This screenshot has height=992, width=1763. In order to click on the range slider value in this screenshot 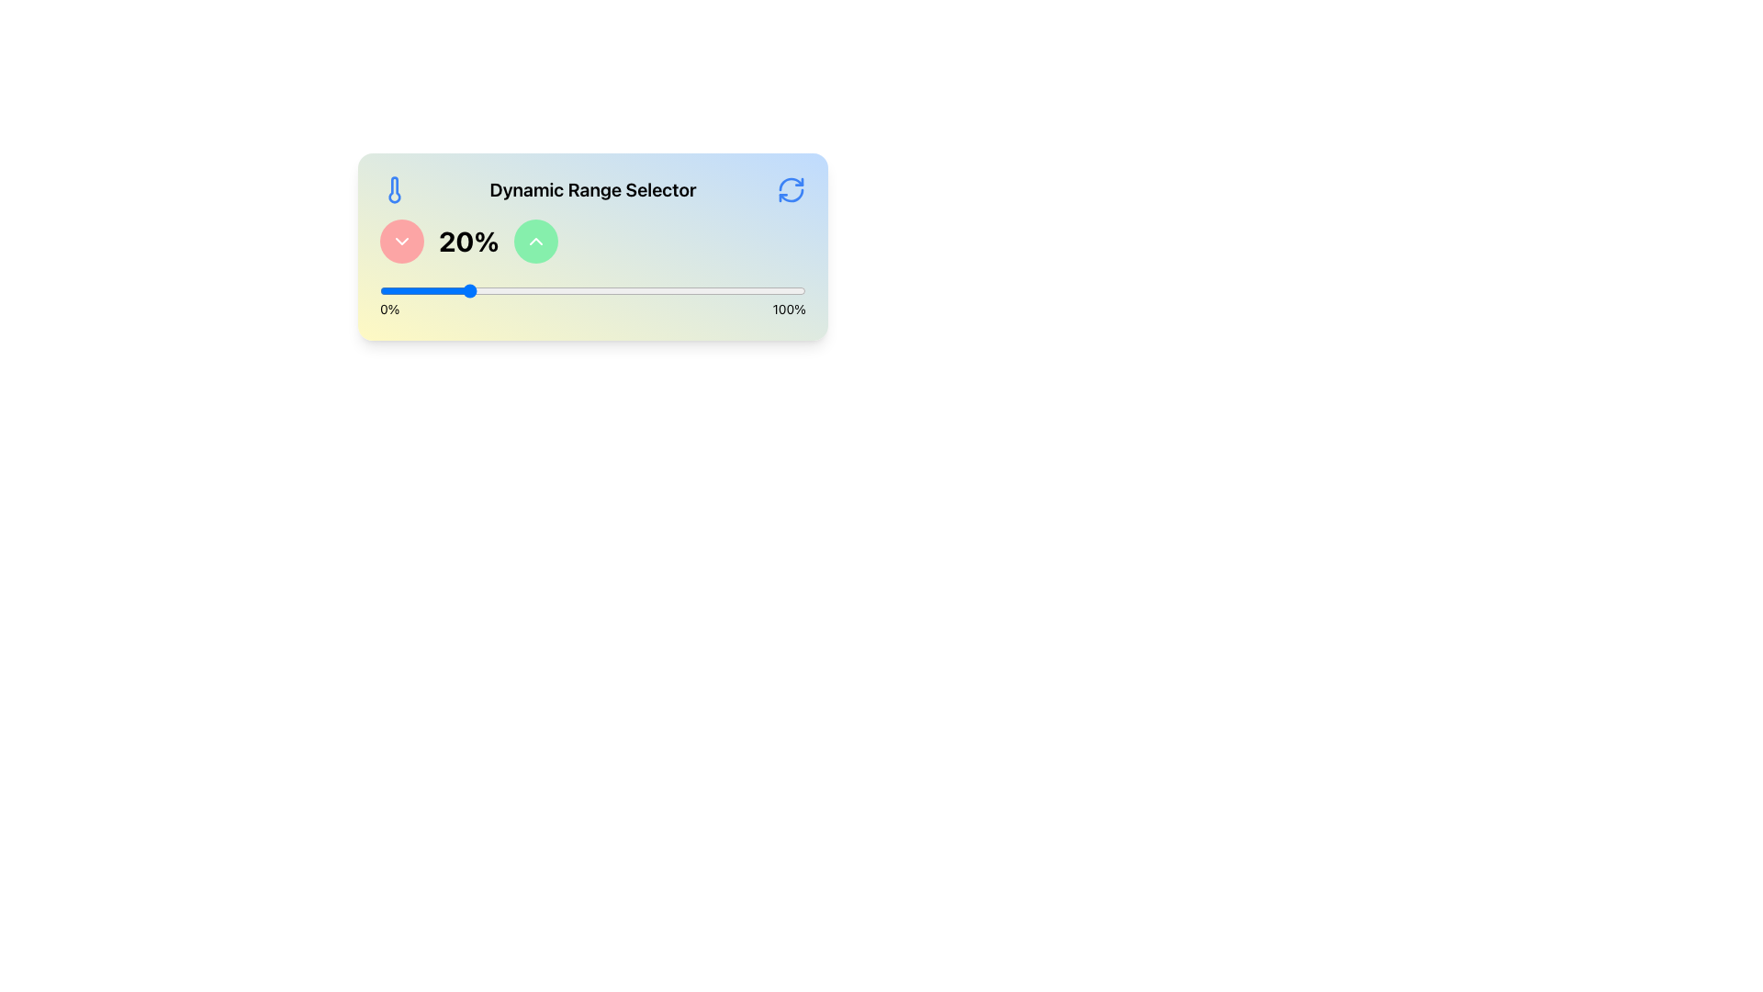, I will do `click(605, 289)`.